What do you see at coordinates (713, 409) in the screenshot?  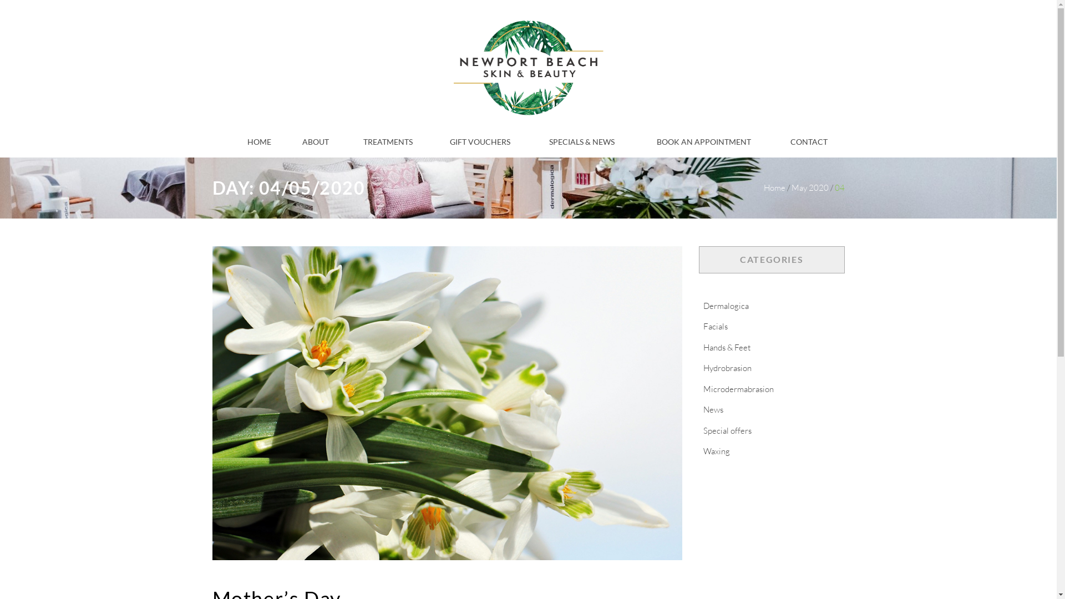 I see `'News'` at bounding box center [713, 409].